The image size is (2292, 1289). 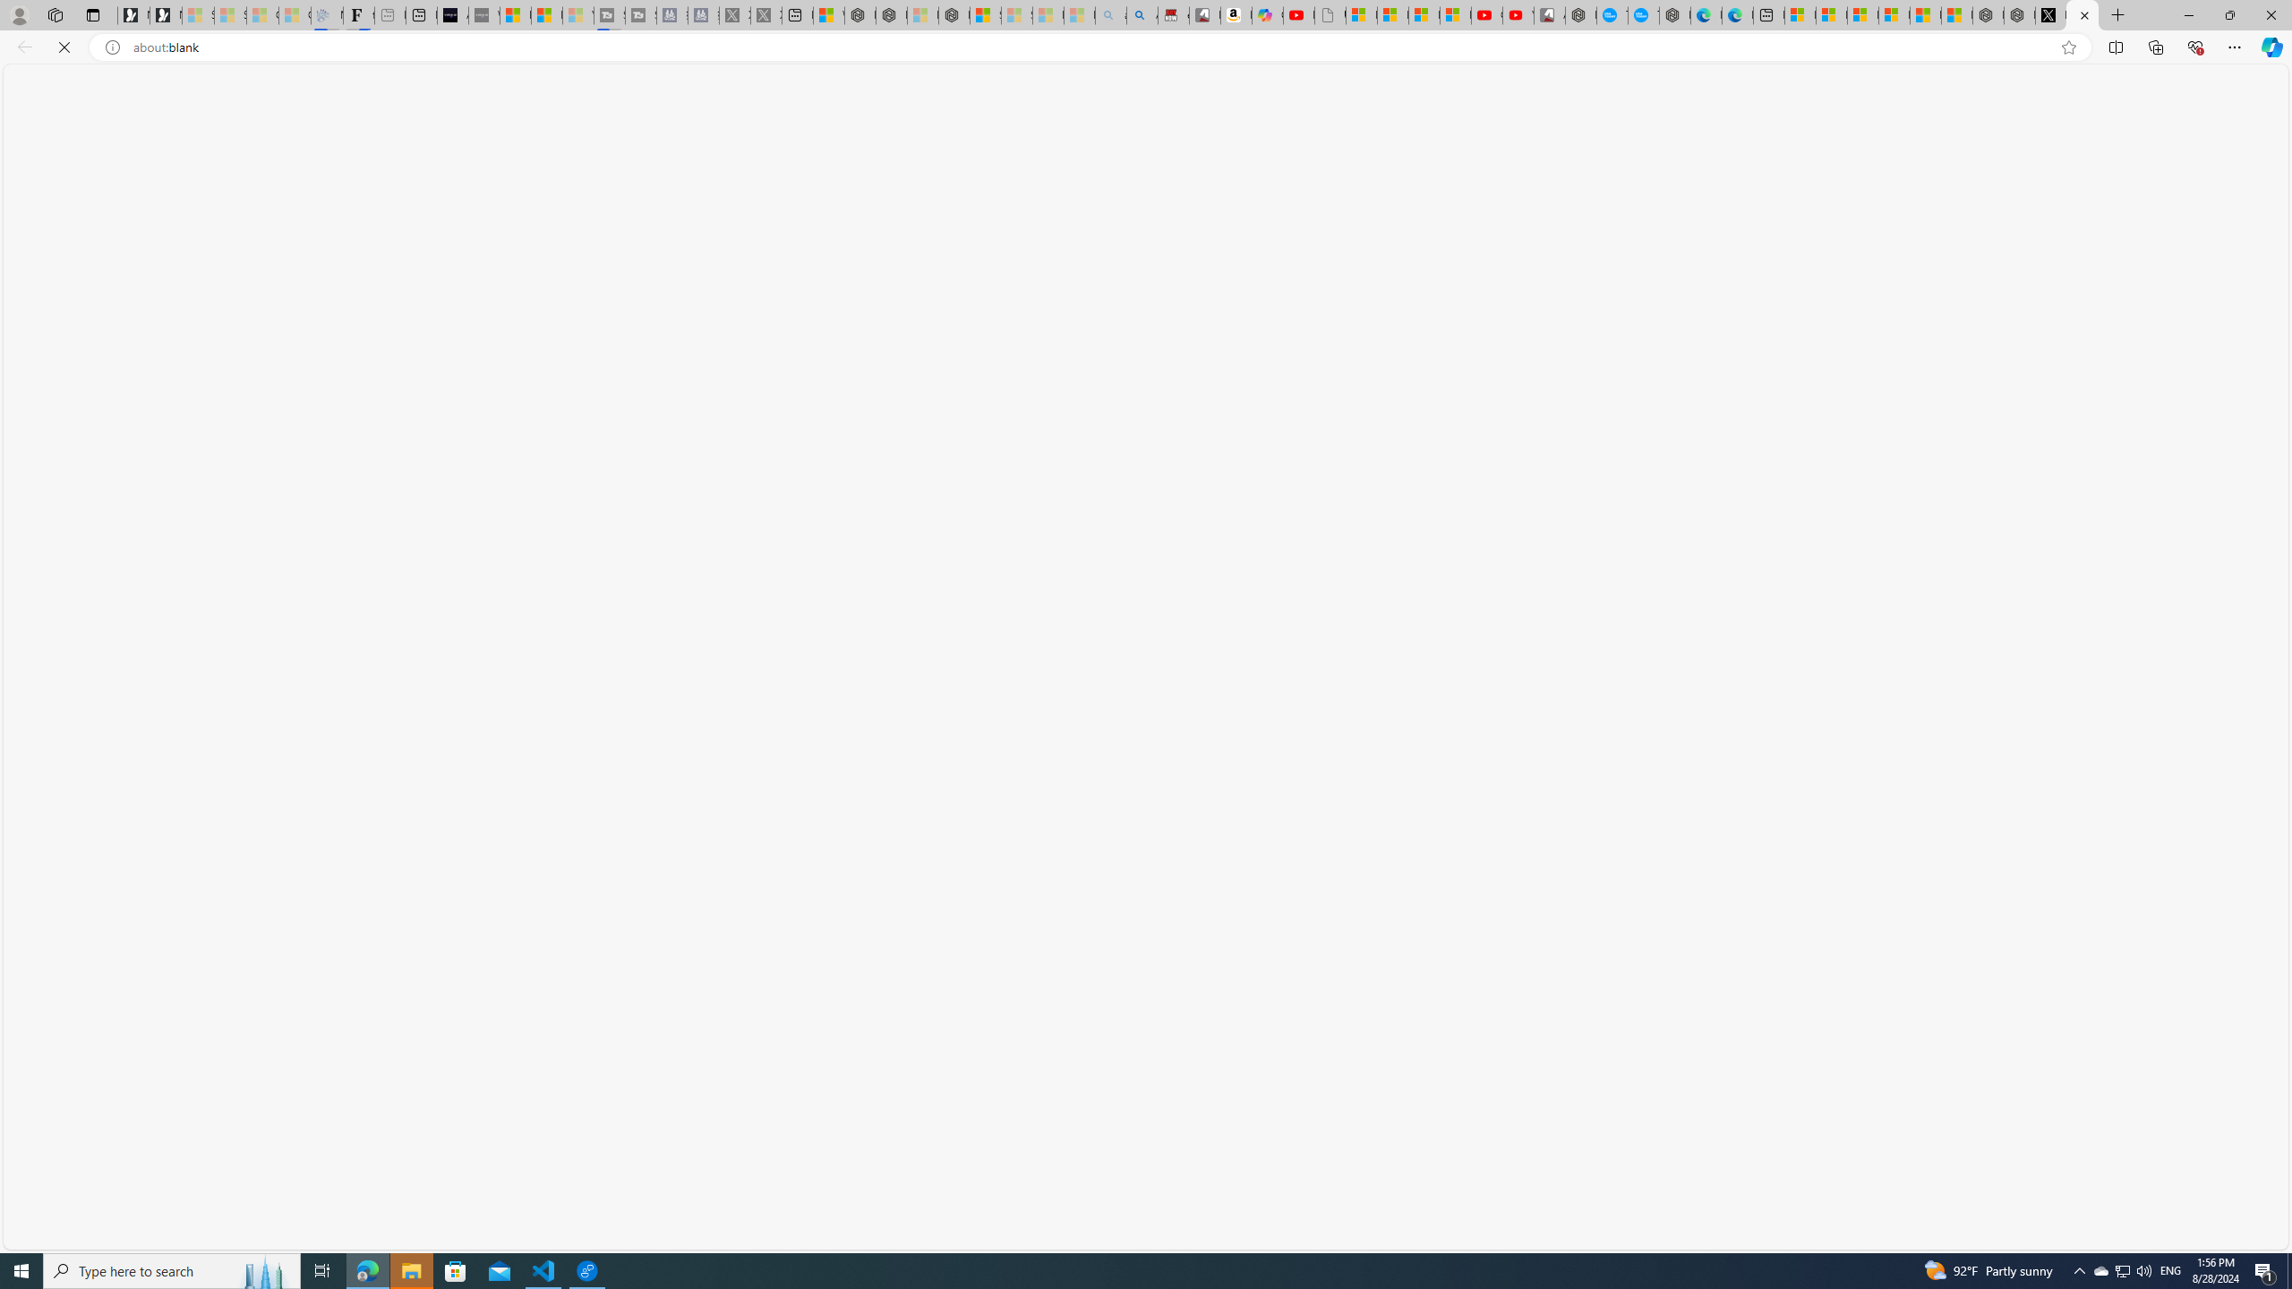 I want to click on 'Nordace - Nordace has arrived Hong Kong', so click(x=1675, y=14).